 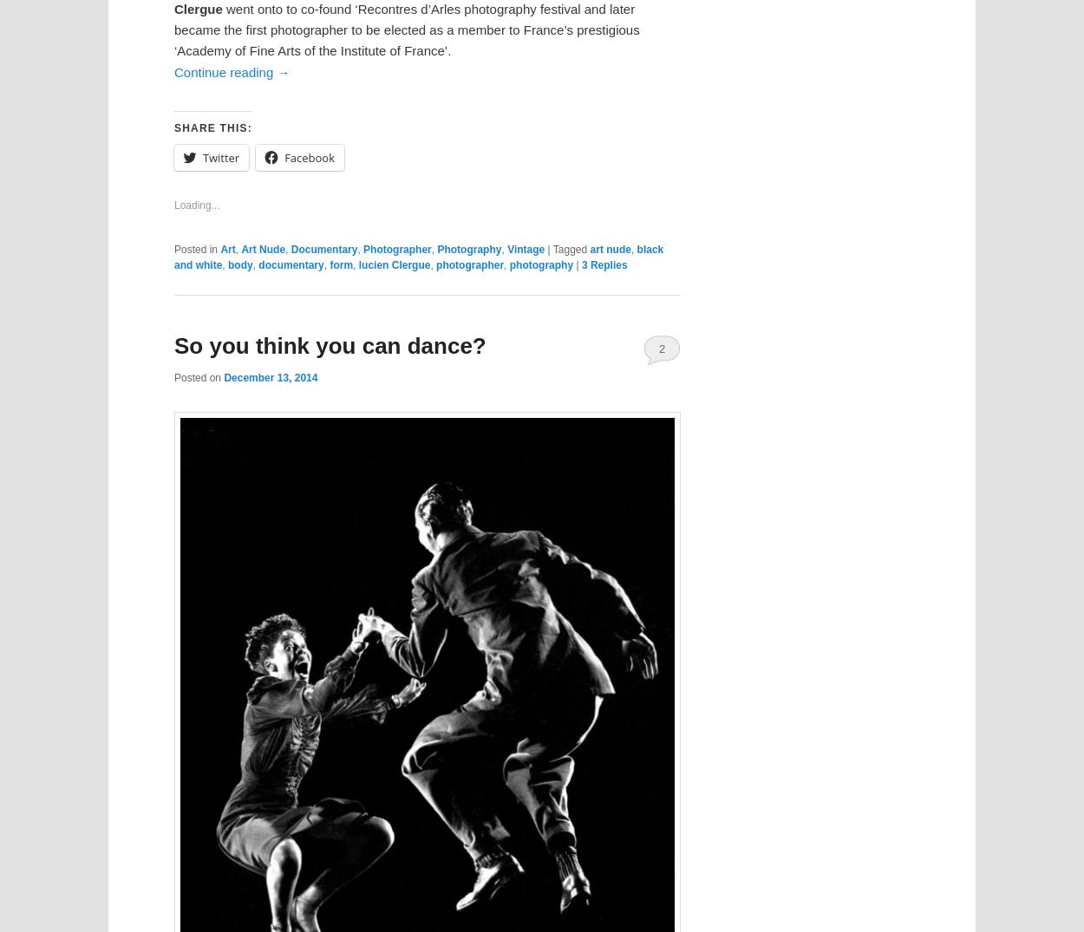 What do you see at coordinates (271, 376) in the screenshot?
I see `'December 13, 2014'` at bounding box center [271, 376].